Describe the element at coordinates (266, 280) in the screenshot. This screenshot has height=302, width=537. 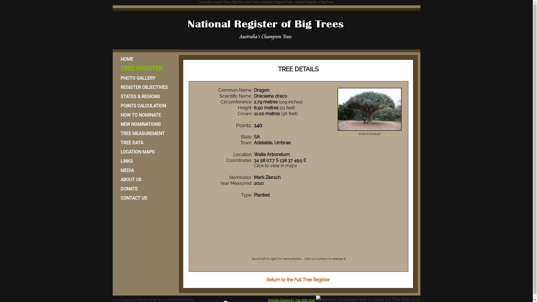
I see `'Return to the Full Tree Register'` at that location.